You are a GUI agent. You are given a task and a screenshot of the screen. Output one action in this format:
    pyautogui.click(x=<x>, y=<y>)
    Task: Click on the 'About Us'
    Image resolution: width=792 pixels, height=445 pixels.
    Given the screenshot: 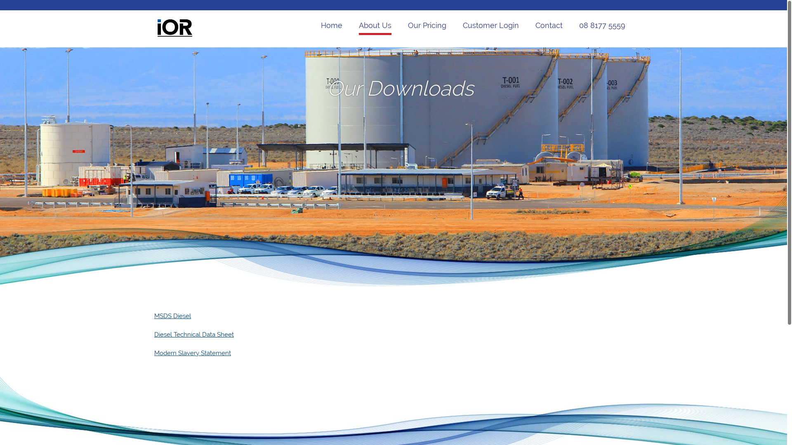 What is the action you would take?
    pyautogui.click(x=375, y=26)
    